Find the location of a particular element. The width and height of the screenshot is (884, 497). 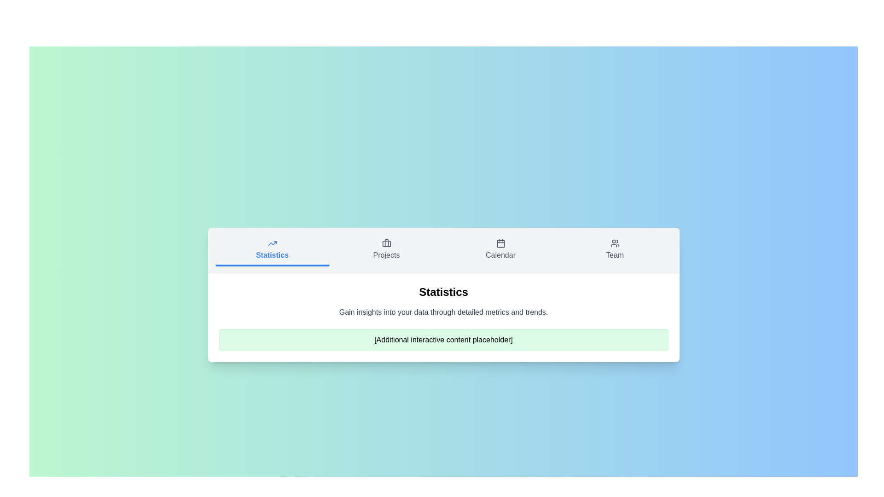

the Calendar tab is located at coordinates (500, 250).